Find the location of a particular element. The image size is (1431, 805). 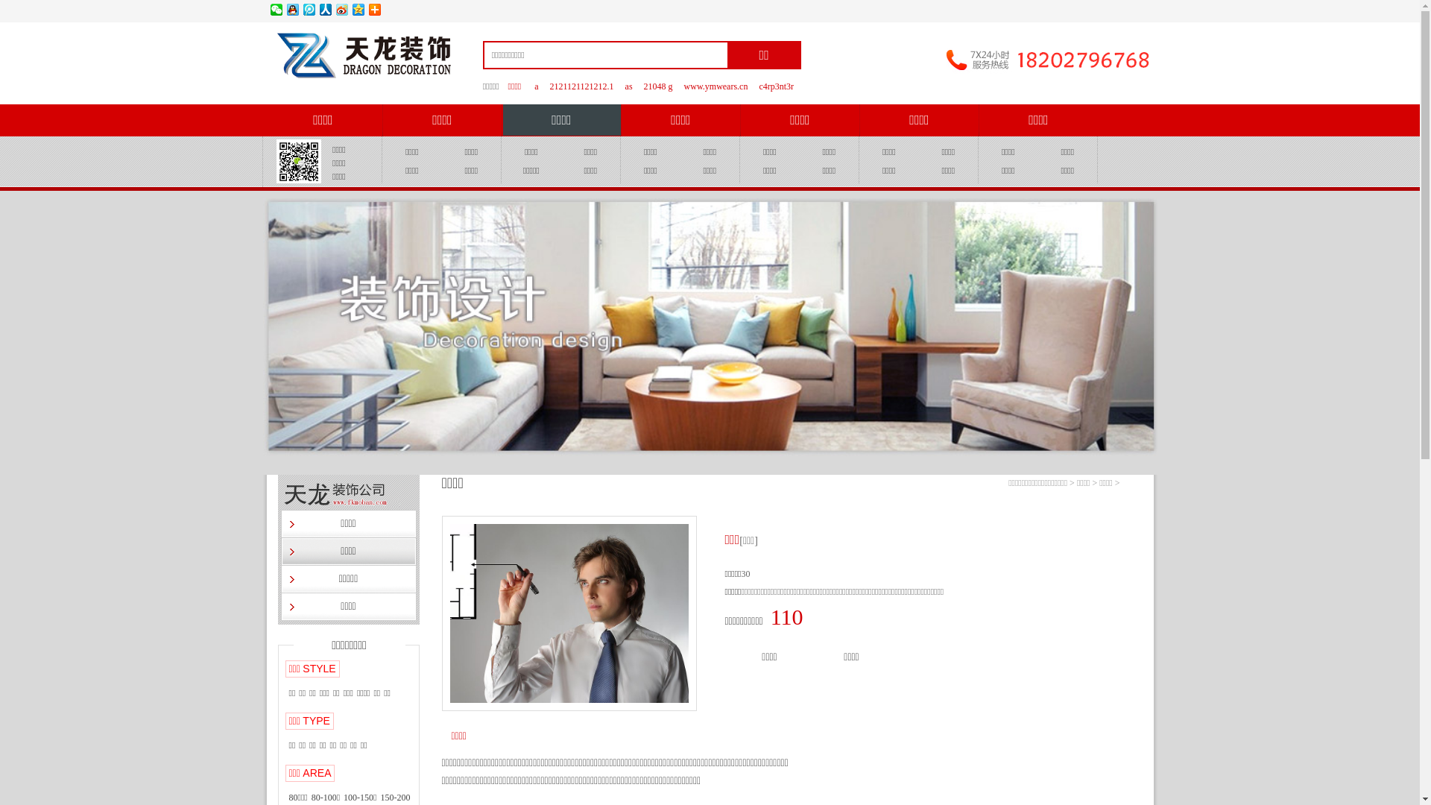

'www.ymwears.cn' is located at coordinates (715, 86).